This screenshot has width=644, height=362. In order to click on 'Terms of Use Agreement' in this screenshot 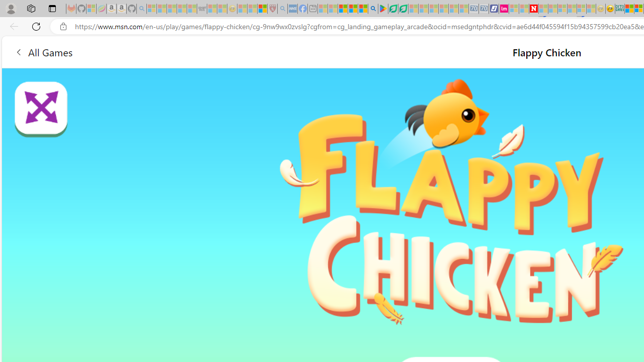, I will do `click(392, 9)`.